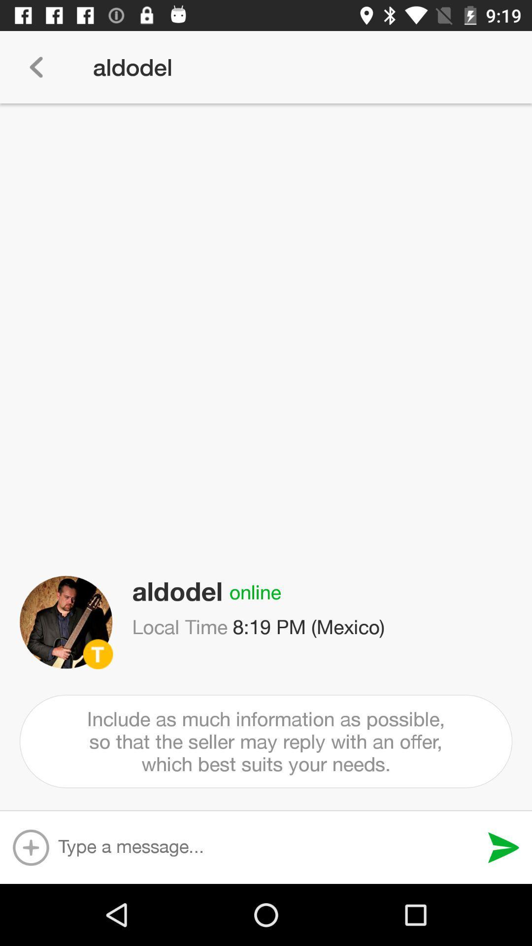 Image resolution: width=532 pixels, height=946 pixels. Describe the element at coordinates (503, 847) in the screenshot. I see `send message` at that location.